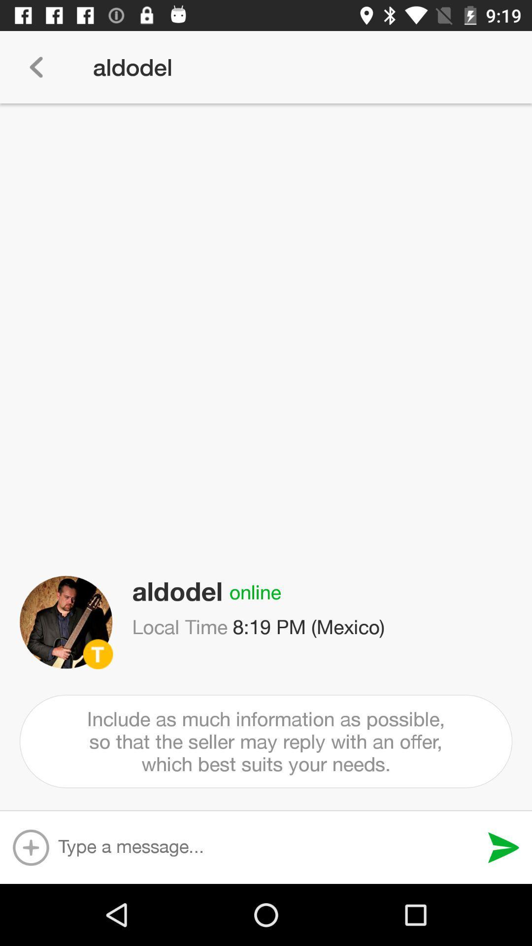 Image resolution: width=532 pixels, height=946 pixels. Describe the element at coordinates (503, 847) in the screenshot. I see `send message` at that location.